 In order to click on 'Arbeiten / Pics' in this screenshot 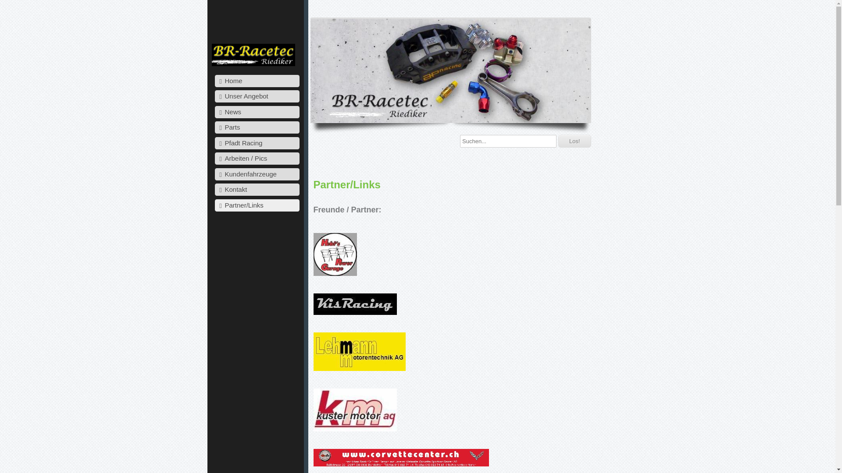, I will do `click(257, 159)`.